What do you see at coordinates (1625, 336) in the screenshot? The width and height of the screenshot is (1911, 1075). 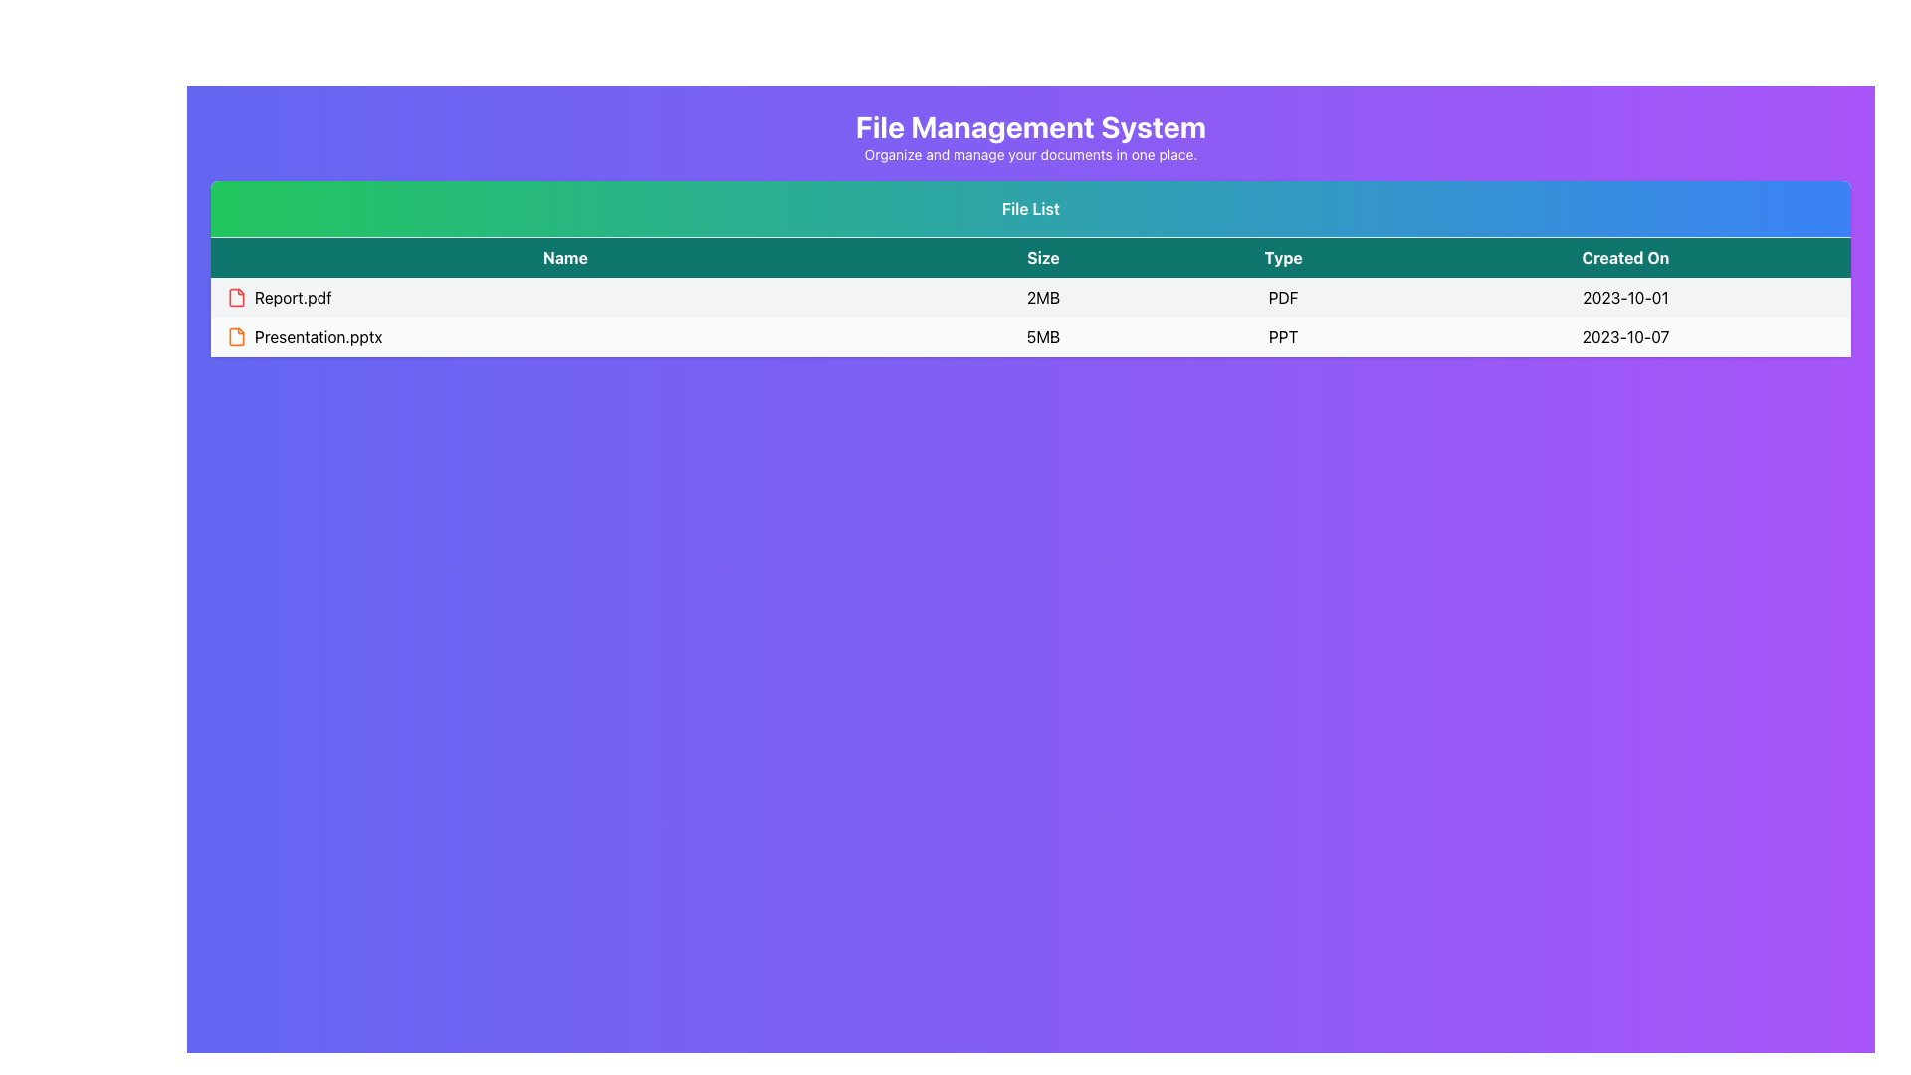 I see `the text label displaying '2023-10-07' in the last column of the second row under the 'Created On' header in the file list table for the file 'Presentation.pptx'` at bounding box center [1625, 336].